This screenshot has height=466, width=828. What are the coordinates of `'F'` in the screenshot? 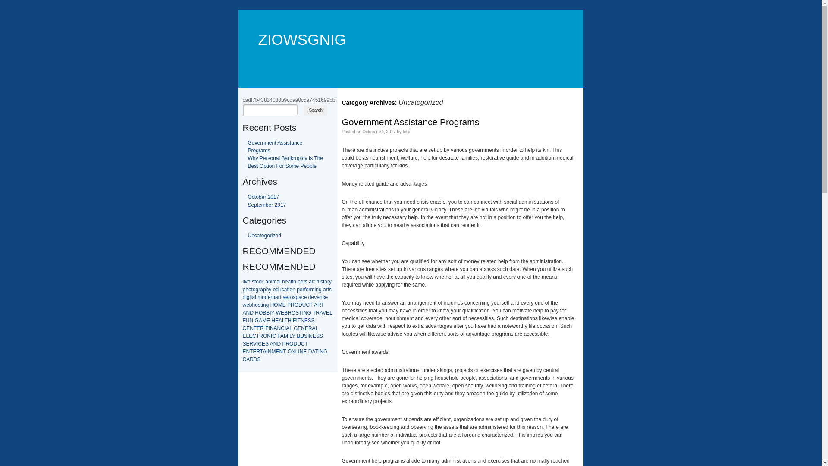 It's located at (243, 321).